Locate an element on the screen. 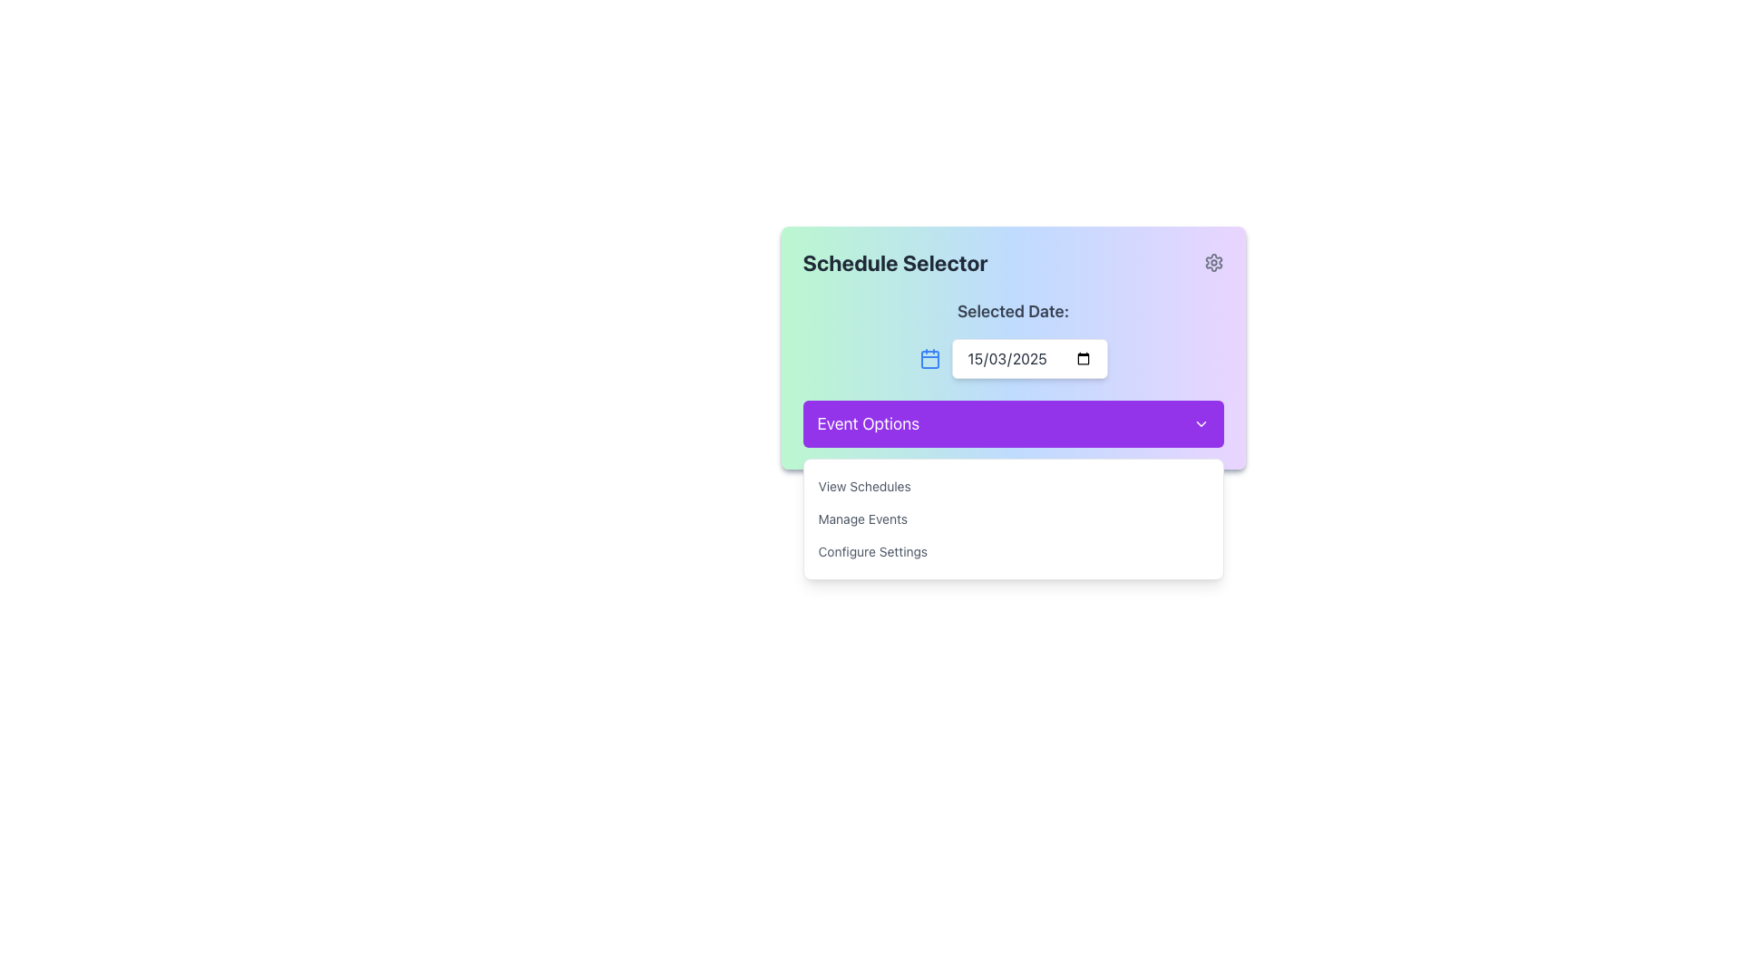  the date input field labeled 'Selected Date:' to select a date by opening the calendar dropdown is located at coordinates (1012, 339).